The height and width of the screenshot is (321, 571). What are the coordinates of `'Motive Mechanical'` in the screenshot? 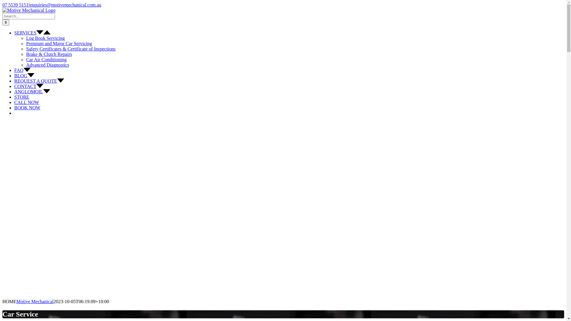 It's located at (34, 301).